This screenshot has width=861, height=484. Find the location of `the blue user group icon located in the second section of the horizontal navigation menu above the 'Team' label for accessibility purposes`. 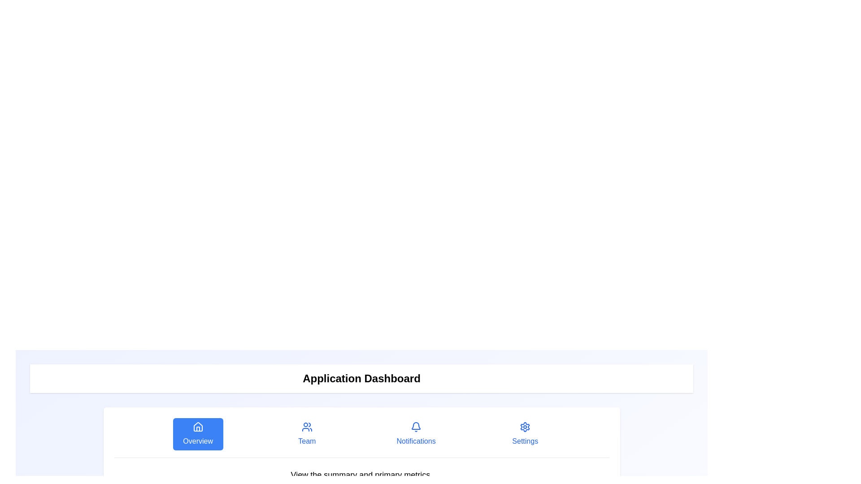

the blue user group icon located in the second section of the horizontal navigation menu above the 'Team' label for accessibility purposes is located at coordinates (307, 426).